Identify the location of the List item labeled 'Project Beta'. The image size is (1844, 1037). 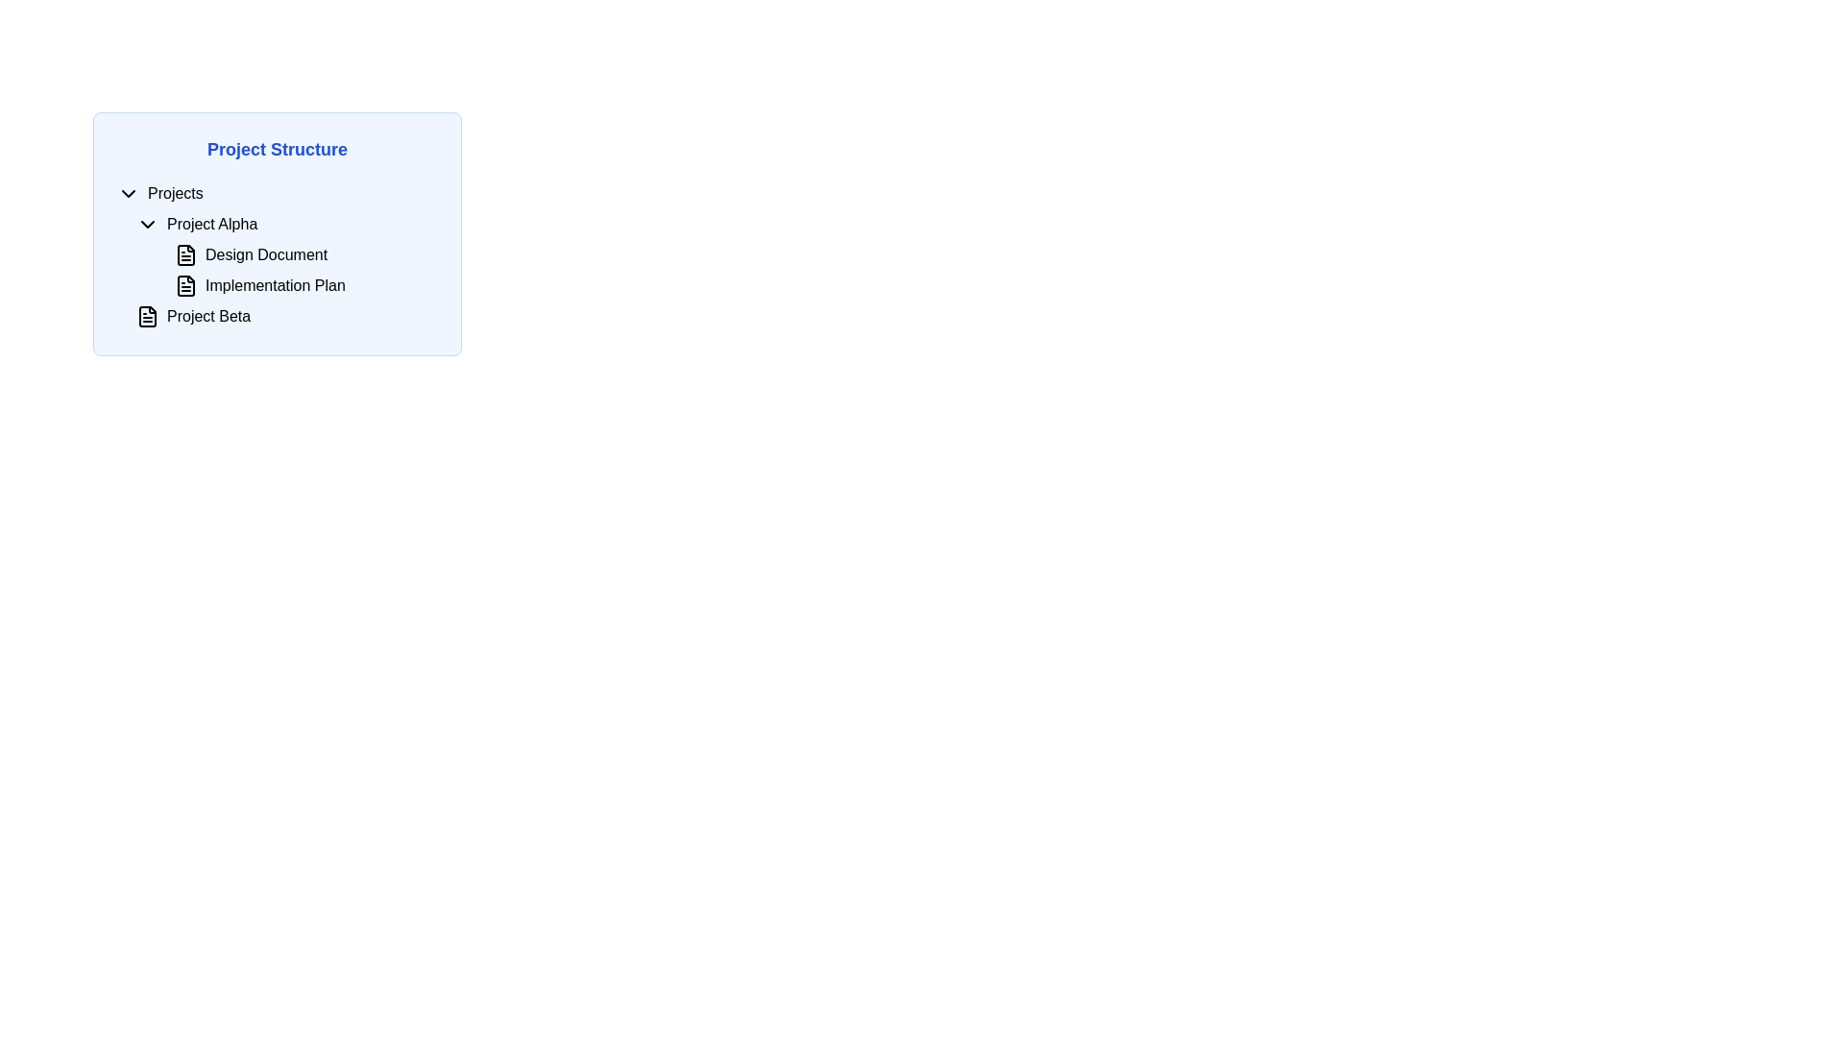
(285, 316).